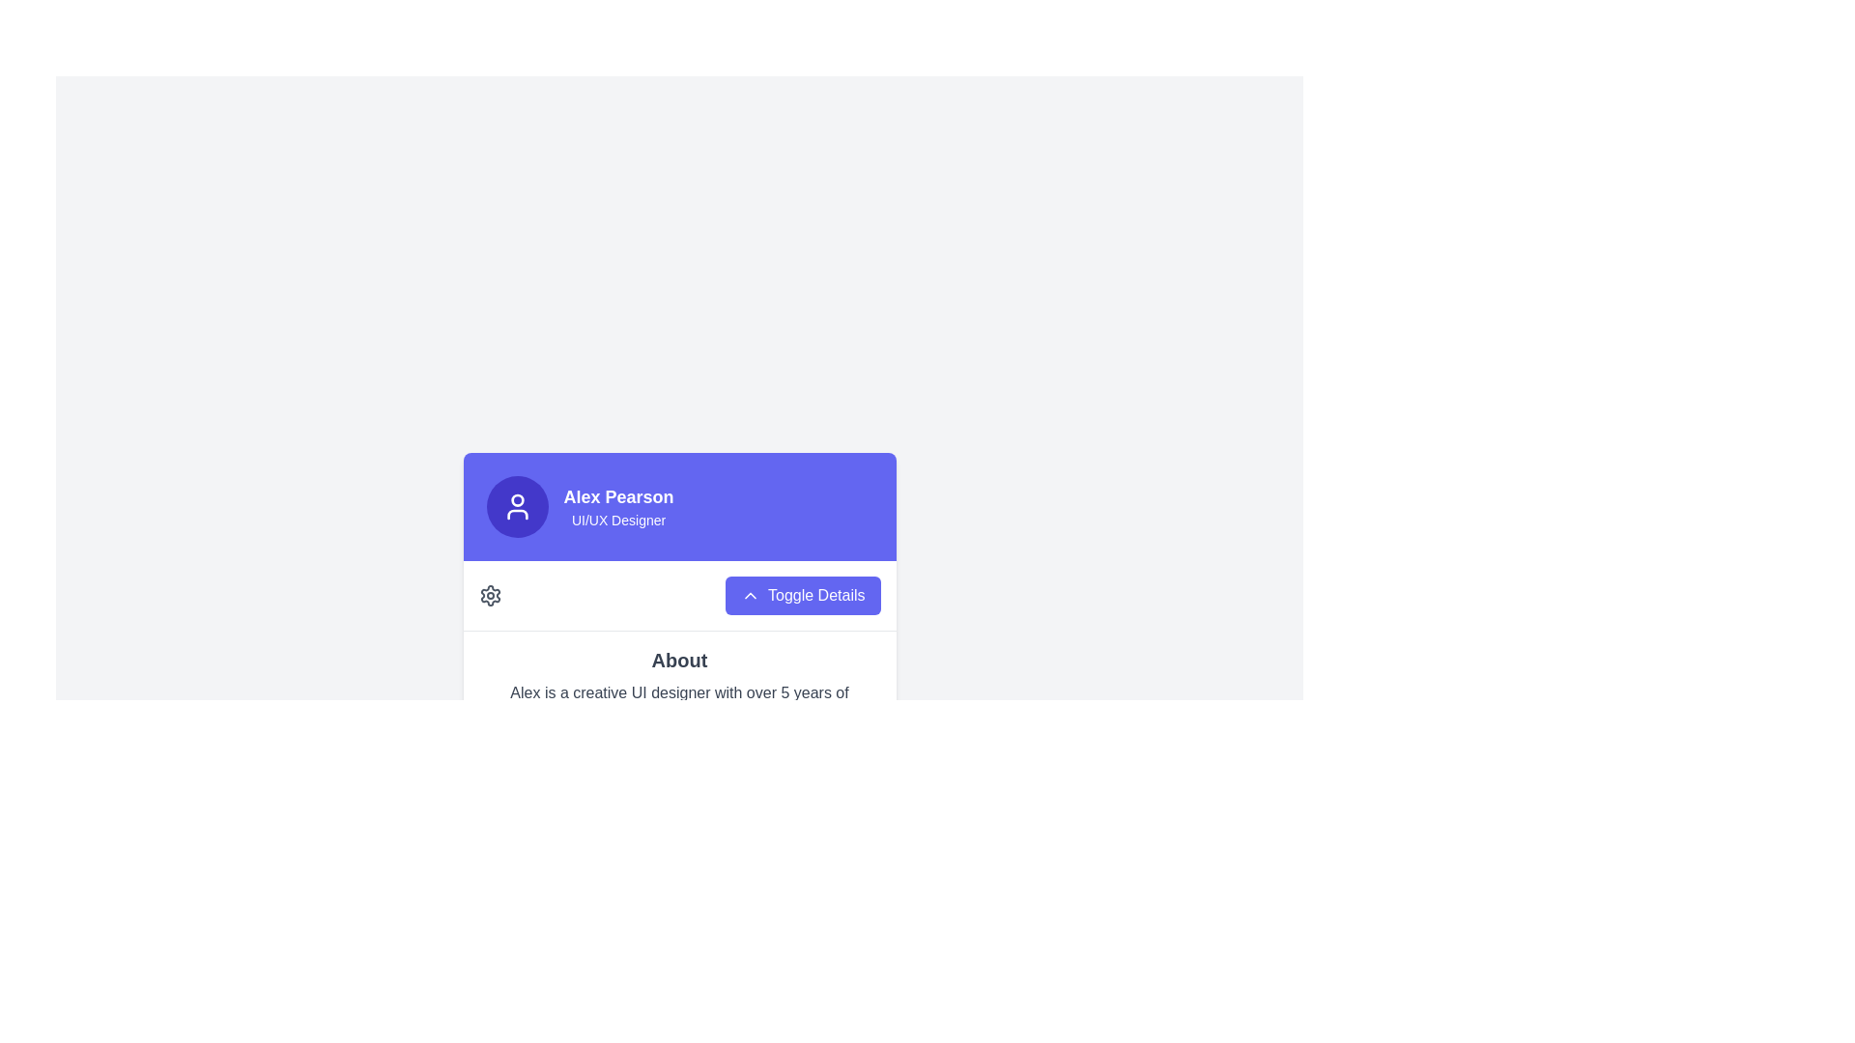  What do you see at coordinates (517, 505) in the screenshot?
I see `the user profile icon, which is a purple circular icon representing a user profile` at bounding box center [517, 505].